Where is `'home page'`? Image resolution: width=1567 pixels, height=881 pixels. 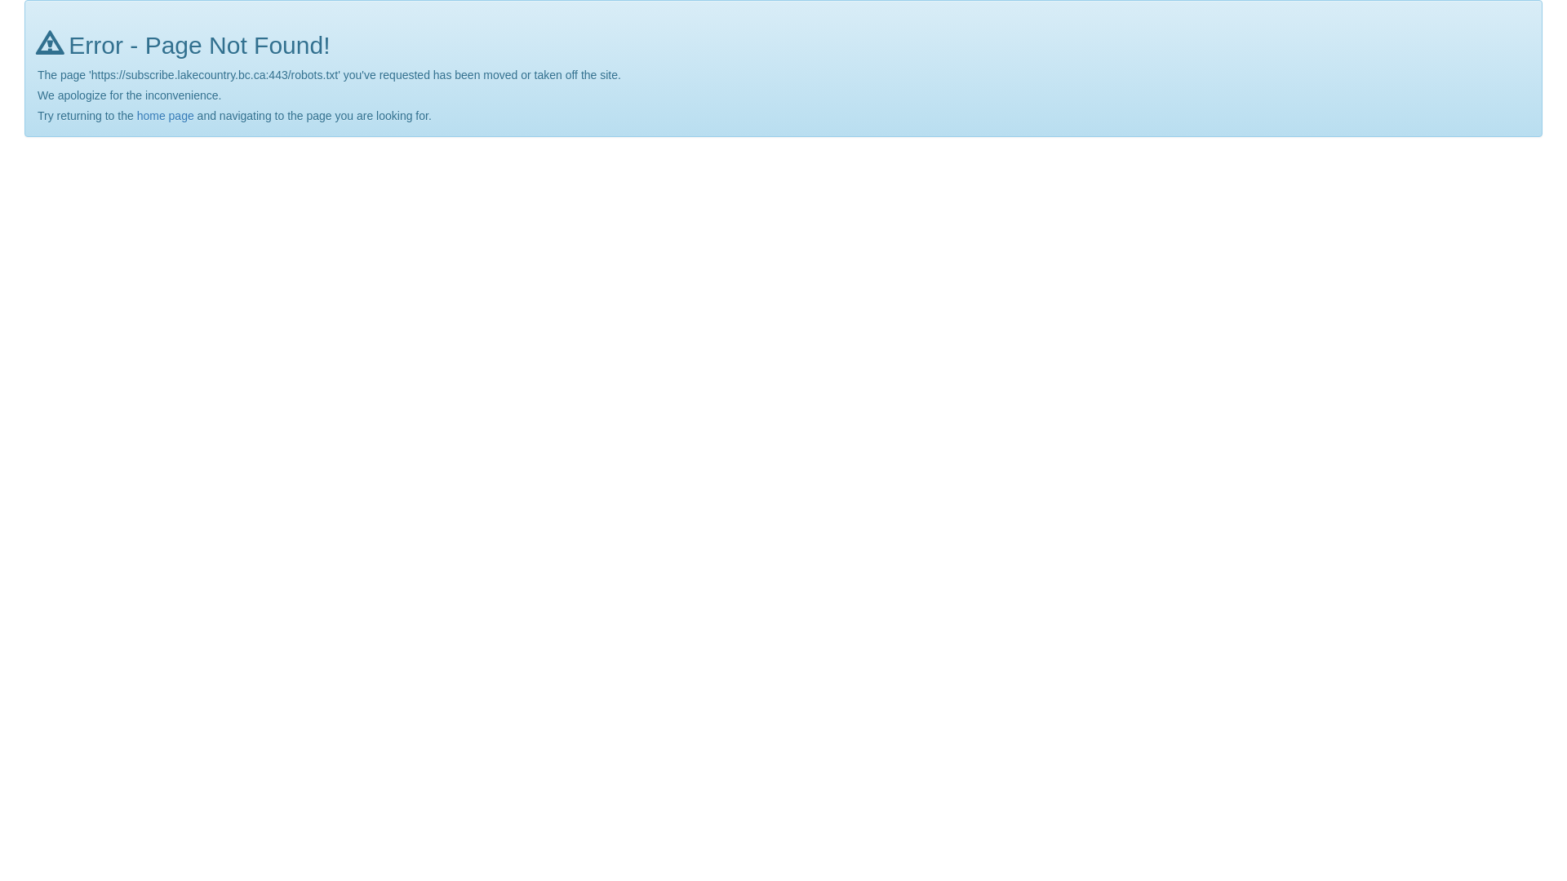
'home page' is located at coordinates (165, 115).